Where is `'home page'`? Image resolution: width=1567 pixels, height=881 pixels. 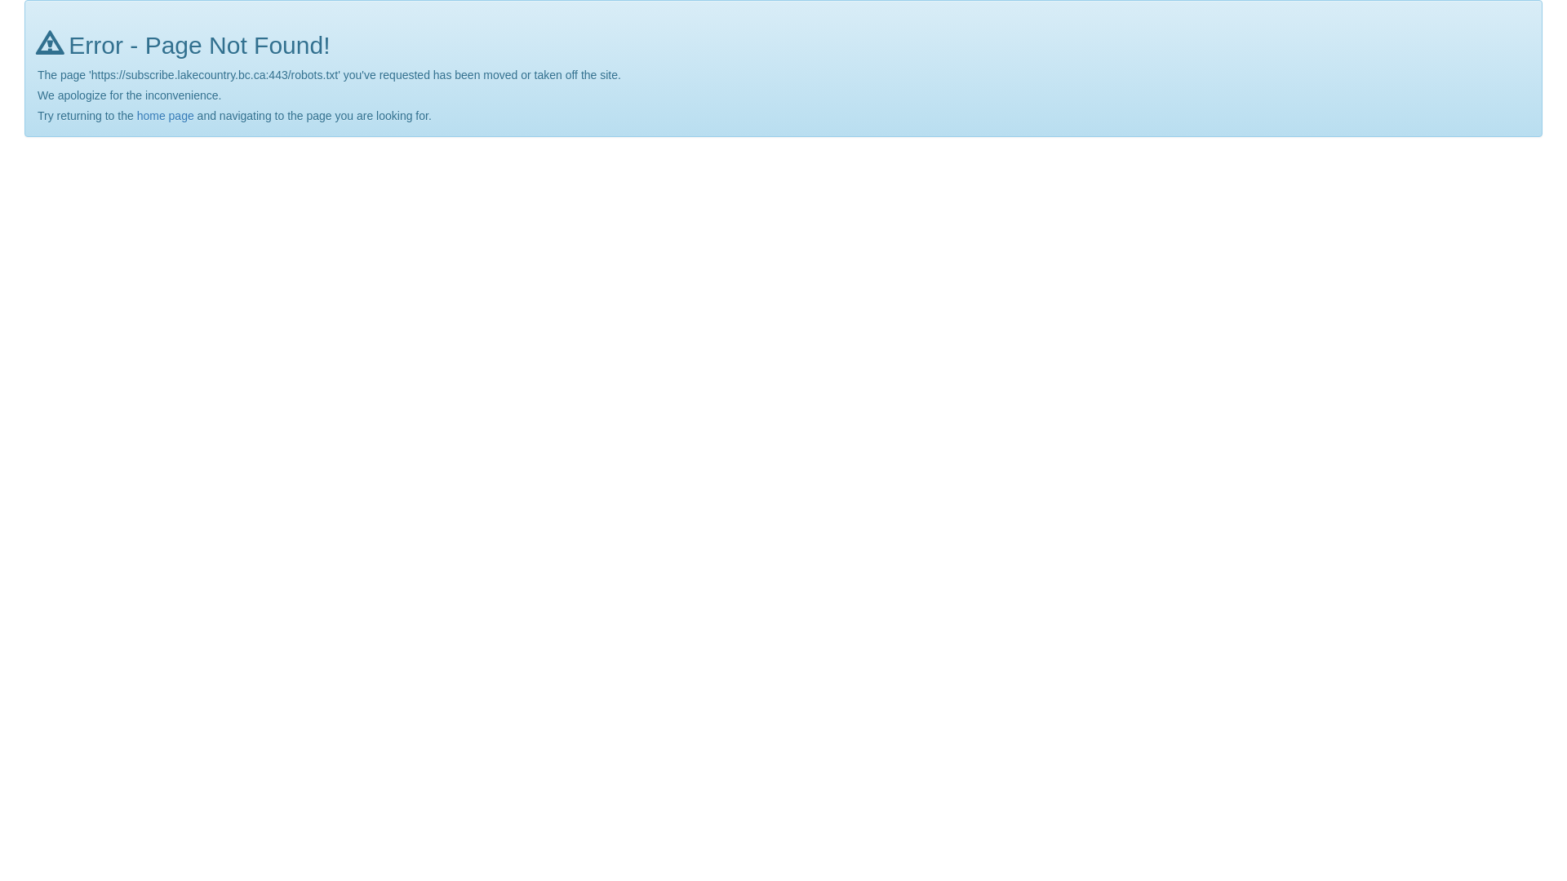
'home page' is located at coordinates (165, 115).